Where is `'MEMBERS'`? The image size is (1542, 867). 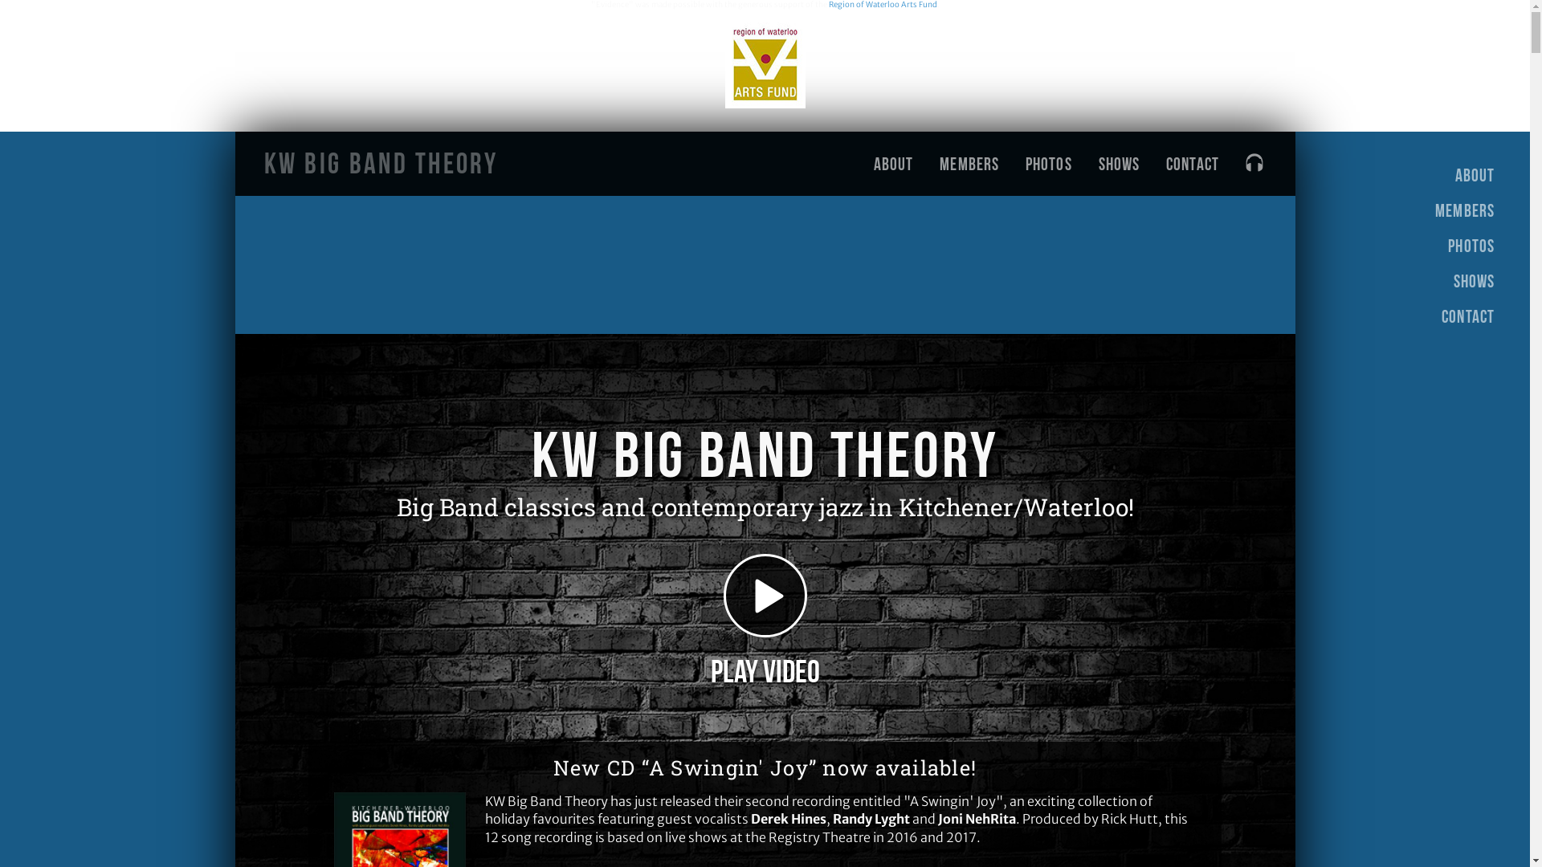
'MEMBERS' is located at coordinates (926, 164).